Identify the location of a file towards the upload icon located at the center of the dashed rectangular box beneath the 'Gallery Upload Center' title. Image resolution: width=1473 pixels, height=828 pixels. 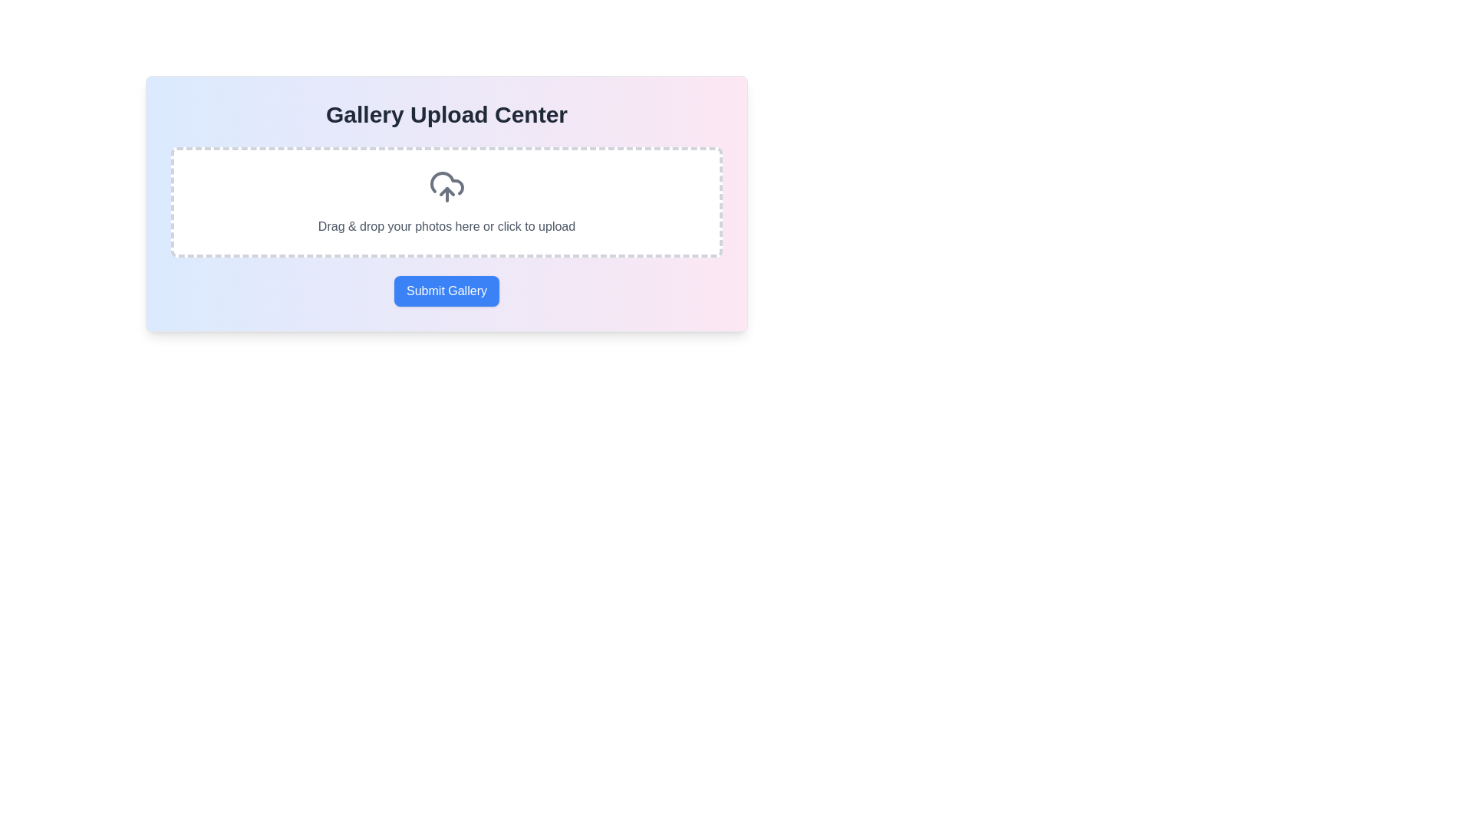
(446, 186).